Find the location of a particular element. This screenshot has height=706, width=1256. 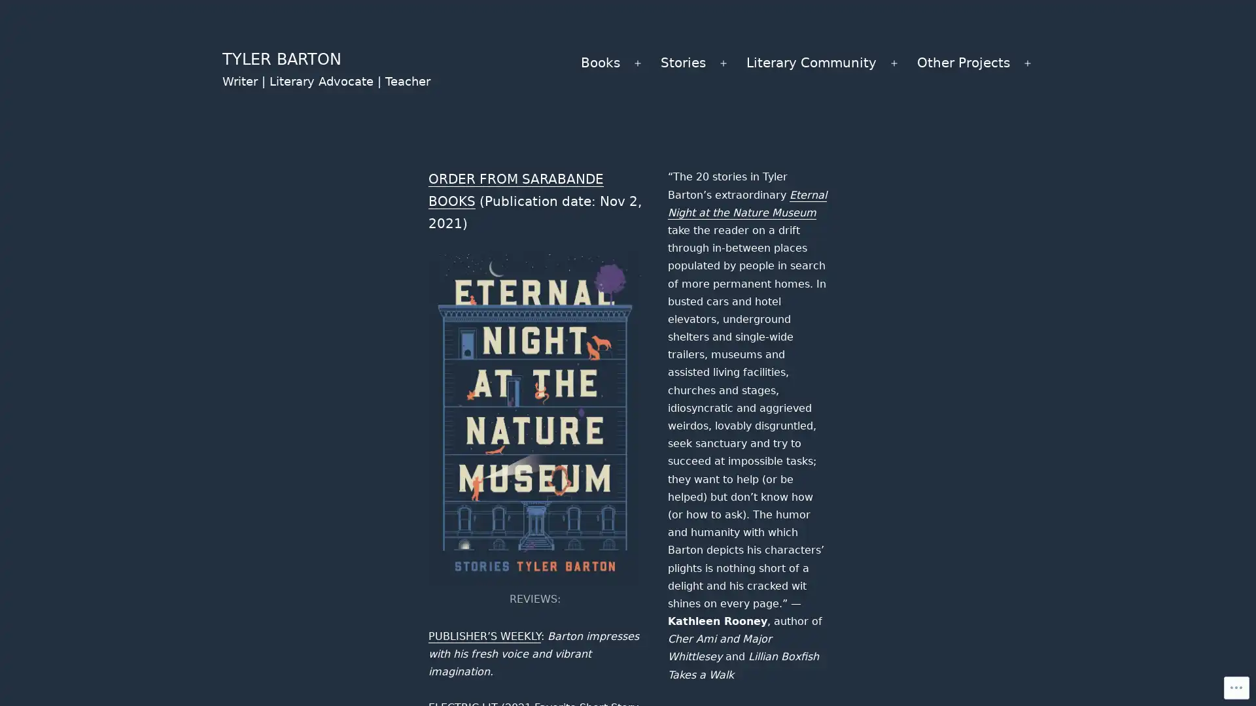

Open menu is located at coordinates (722, 63).